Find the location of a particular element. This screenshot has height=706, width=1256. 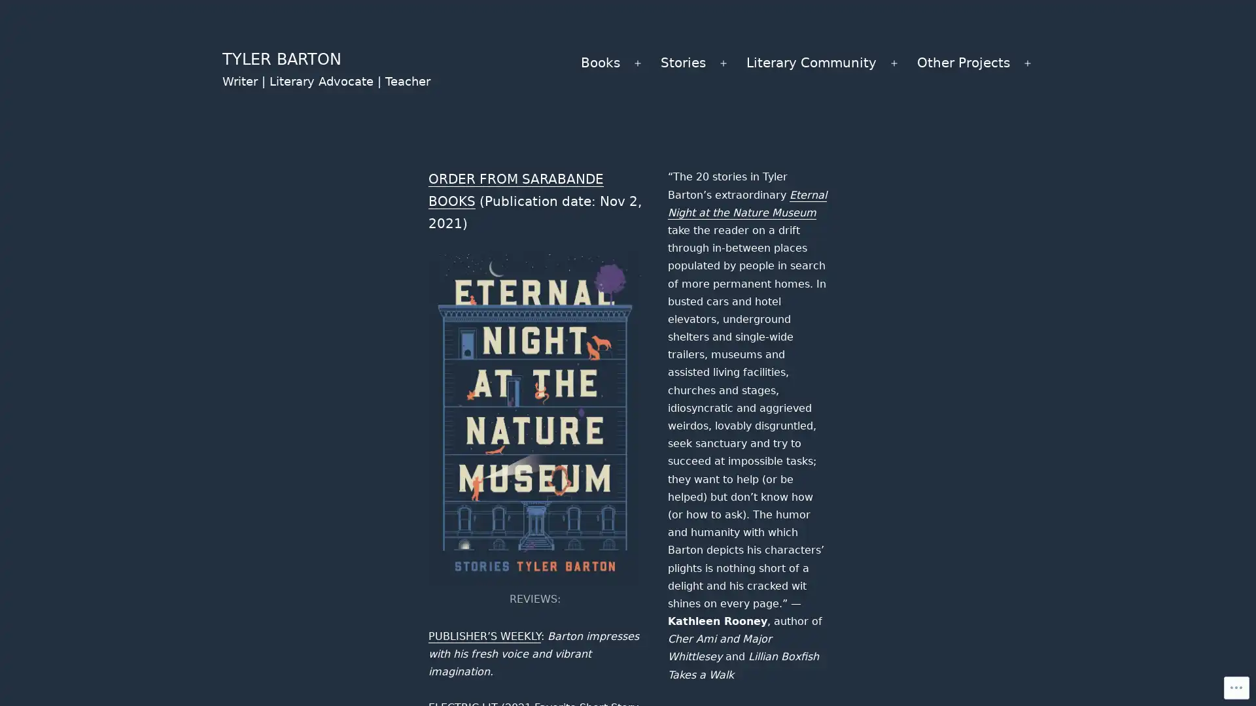

Open menu is located at coordinates (722, 63).